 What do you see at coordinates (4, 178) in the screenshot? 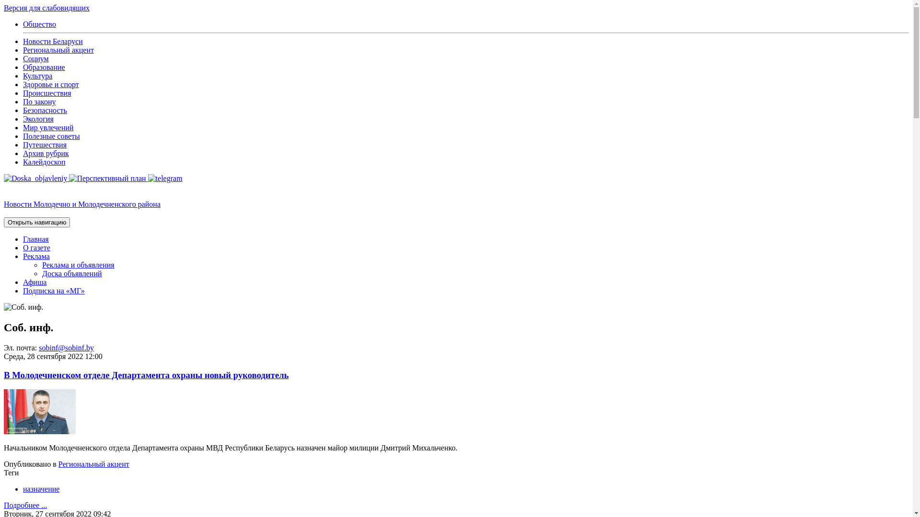
I see `'Doska_objavleniy'` at bounding box center [4, 178].